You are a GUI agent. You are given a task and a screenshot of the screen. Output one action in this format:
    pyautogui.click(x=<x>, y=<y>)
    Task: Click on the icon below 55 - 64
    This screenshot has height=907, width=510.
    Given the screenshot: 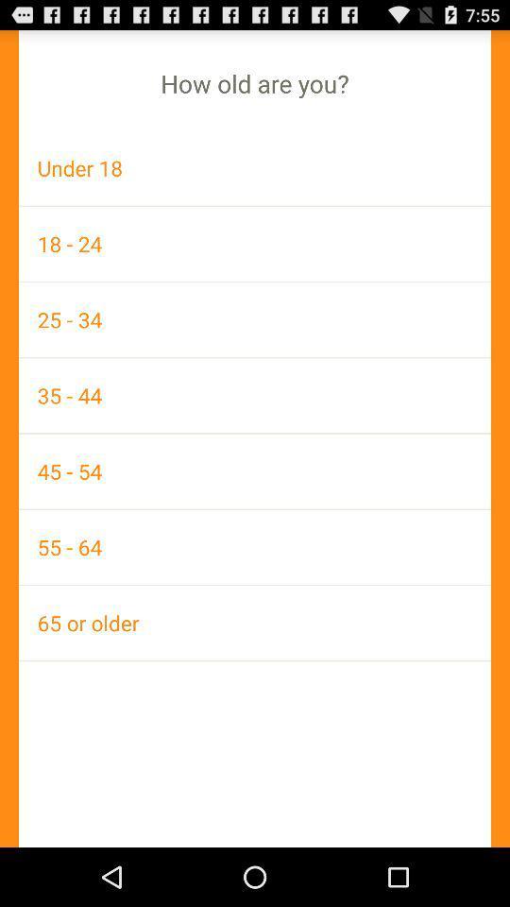 What is the action you would take?
    pyautogui.click(x=255, y=622)
    